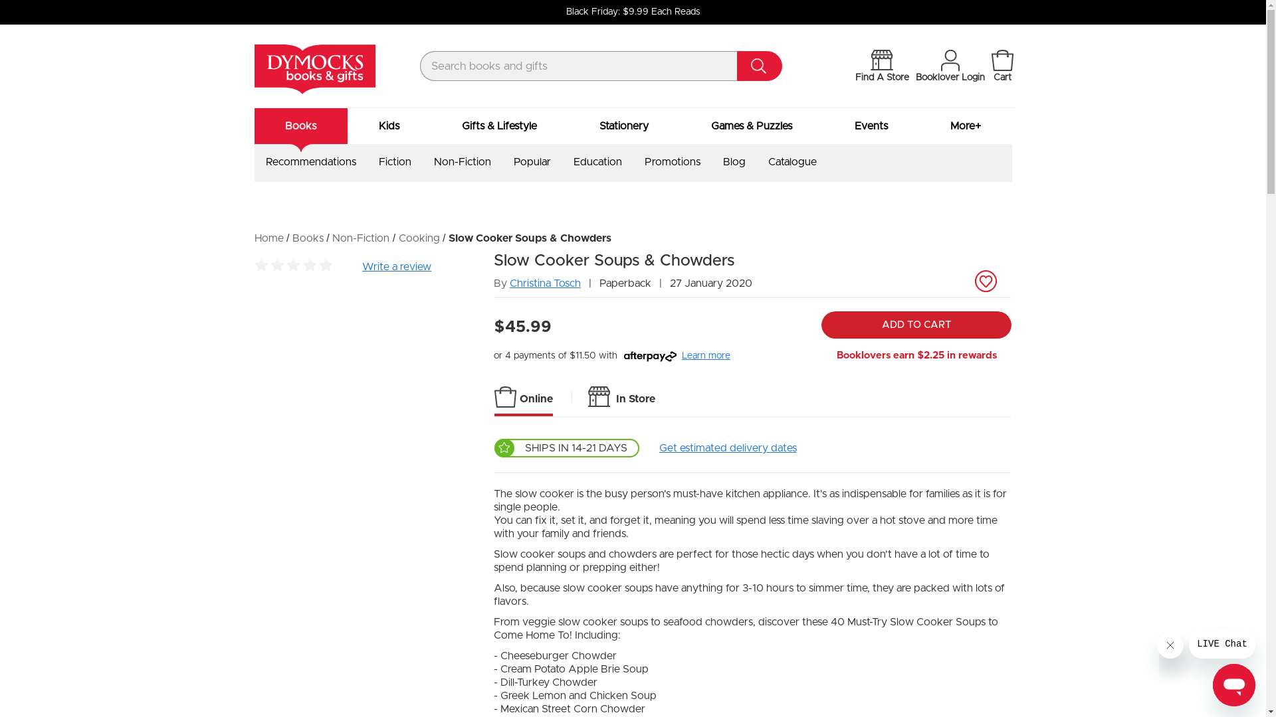 This screenshot has width=1276, height=717. Describe the element at coordinates (1233, 685) in the screenshot. I see `'Button to launch messaging window'` at that location.